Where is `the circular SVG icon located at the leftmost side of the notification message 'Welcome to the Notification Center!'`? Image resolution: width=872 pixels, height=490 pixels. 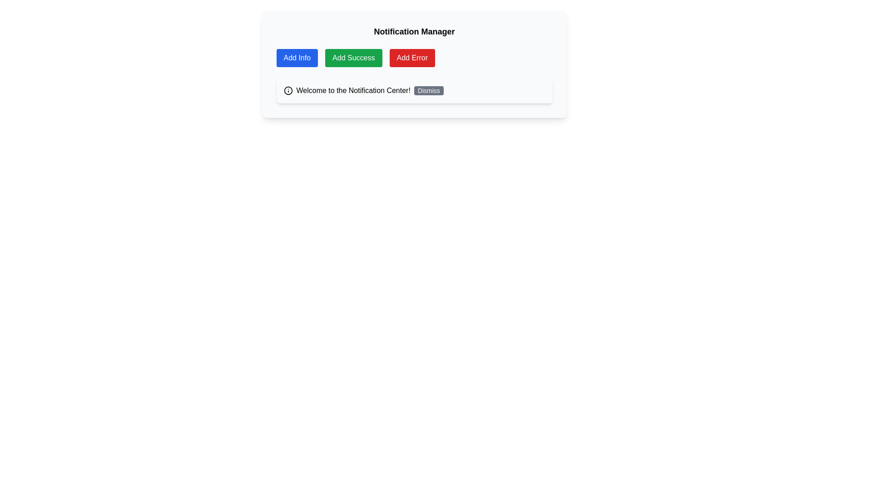
the circular SVG icon located at the leftmost side of the notification message 'Welcome to the Notification Center!' is located at coordinates (287, 91).